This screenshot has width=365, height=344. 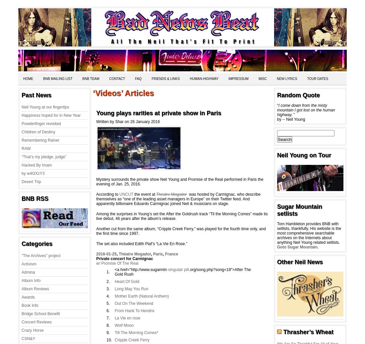 What do you see at coordinates (35, 289) in the screenshot?
I see `'Album Reviews'` at bounding box center [35, 289].